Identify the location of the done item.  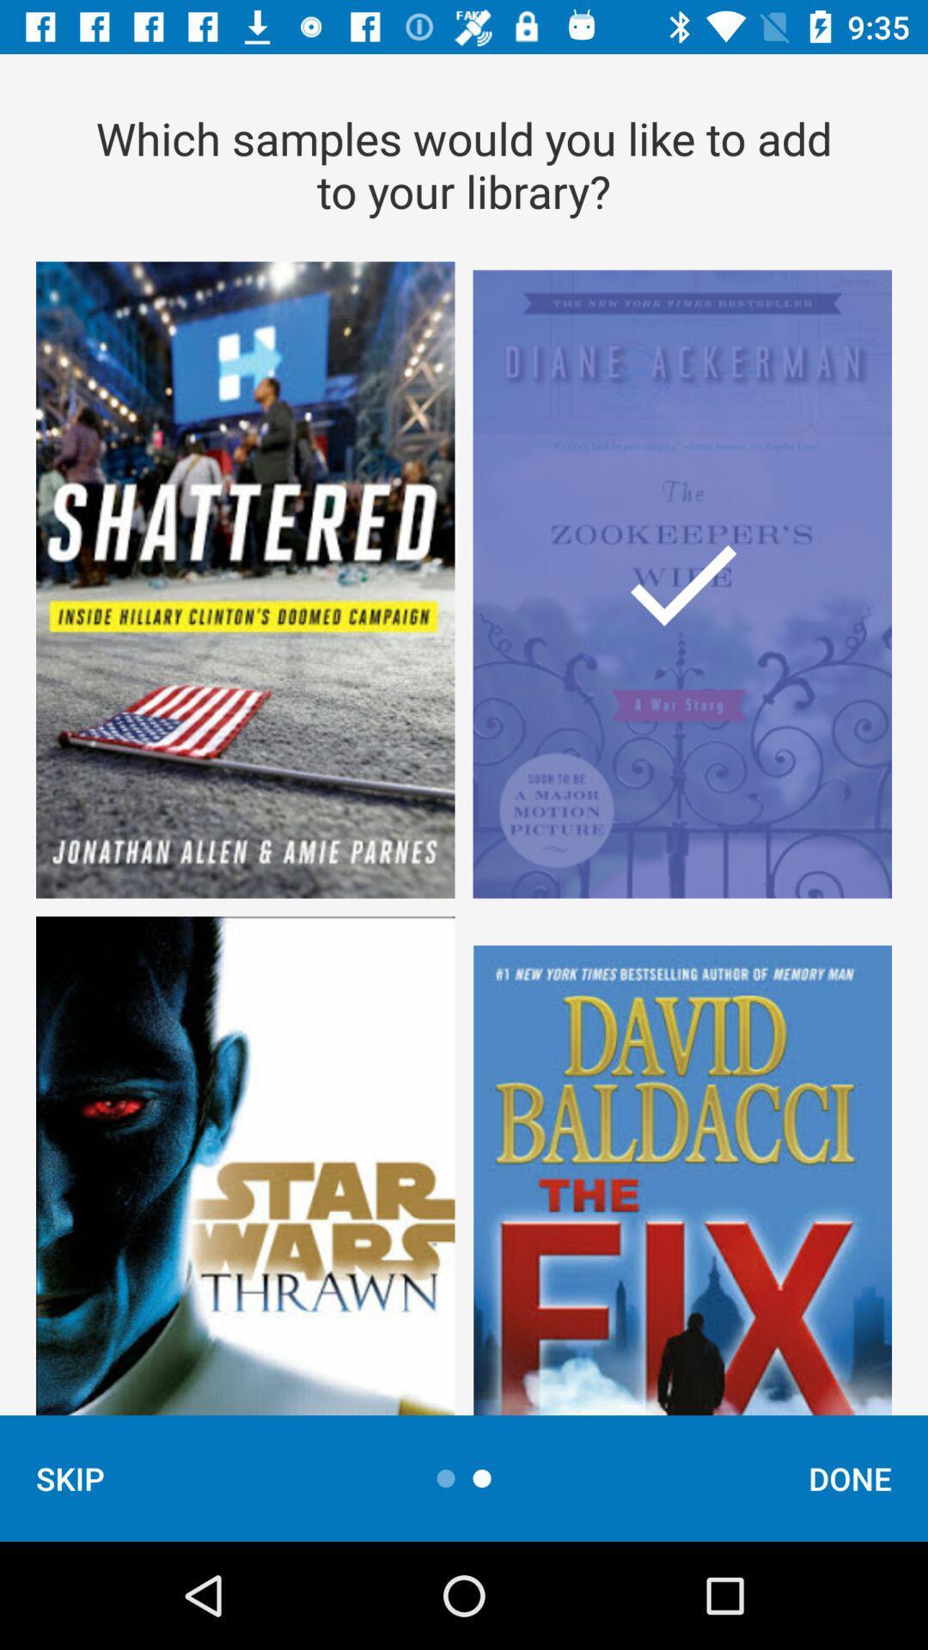
(849, 1477).